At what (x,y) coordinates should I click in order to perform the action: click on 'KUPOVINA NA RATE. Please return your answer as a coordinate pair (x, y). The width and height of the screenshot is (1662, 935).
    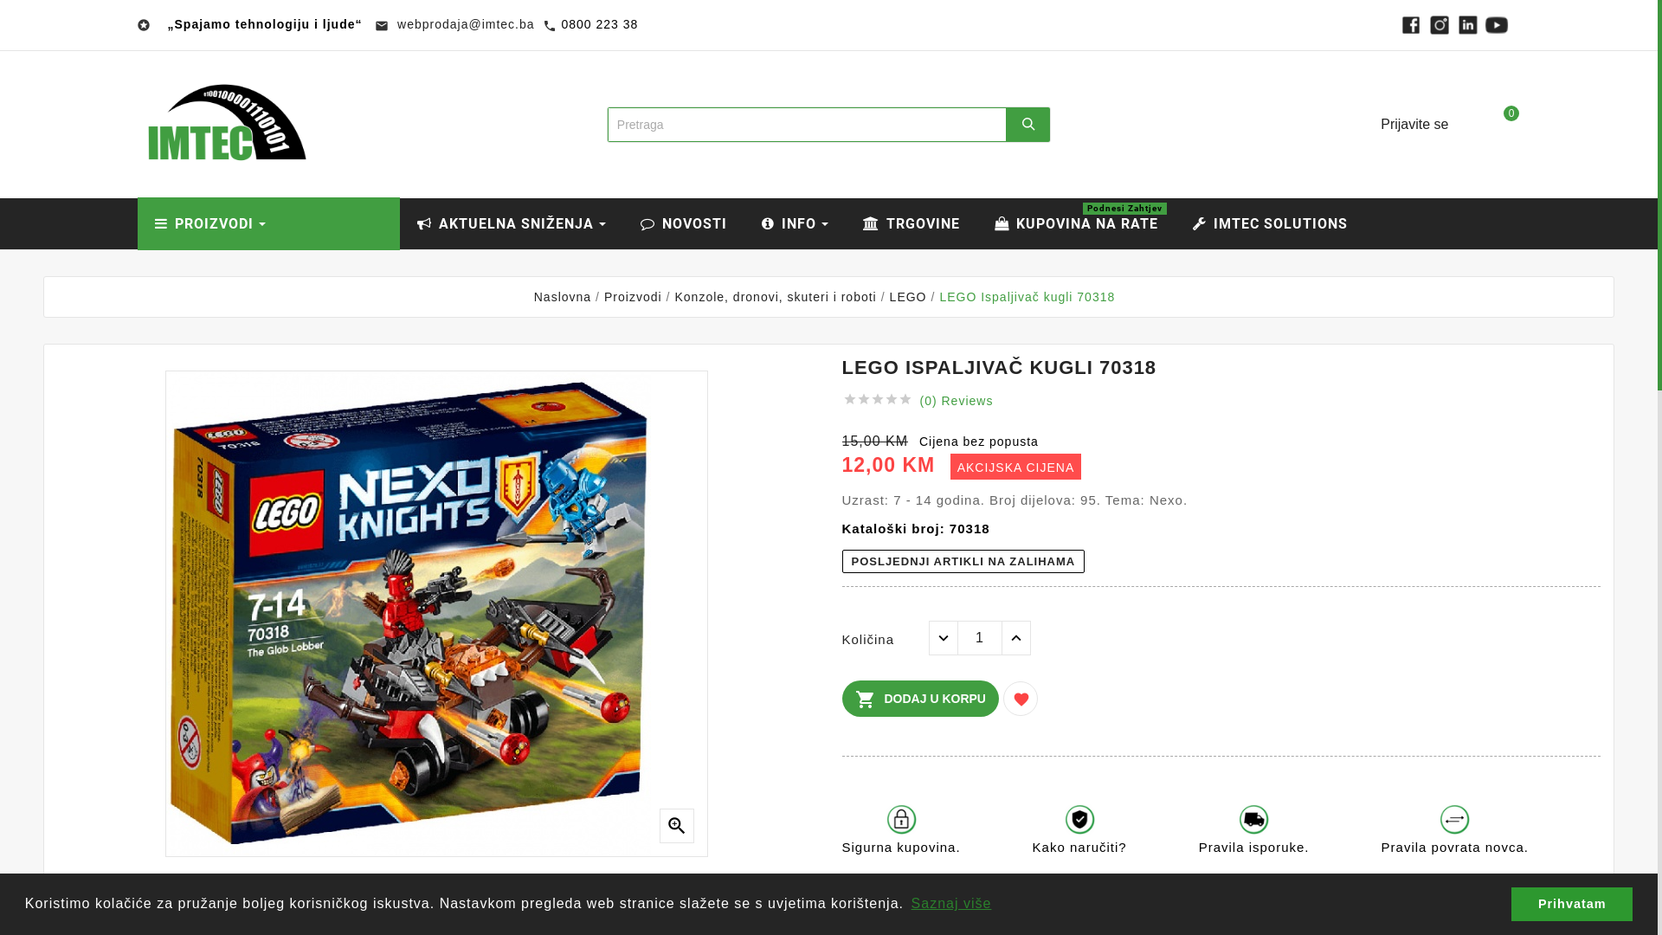
    Looking at the image, I should click on (1074, 222).